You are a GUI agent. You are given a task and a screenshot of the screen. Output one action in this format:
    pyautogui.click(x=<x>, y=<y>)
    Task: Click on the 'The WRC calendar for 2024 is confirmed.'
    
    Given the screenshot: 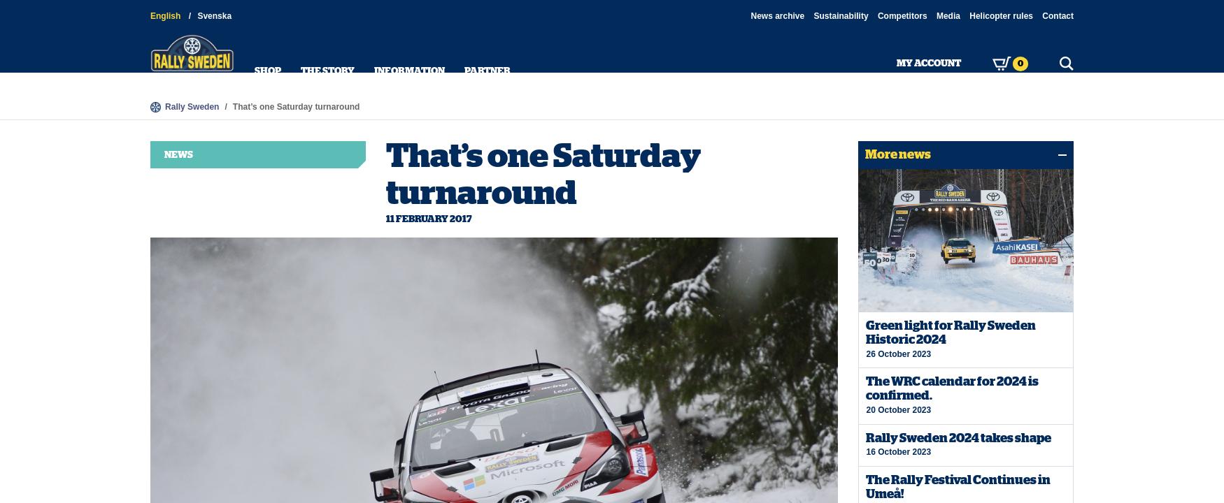 What is the action you would take?
    pyautogui.click(x=952, y=388)
    